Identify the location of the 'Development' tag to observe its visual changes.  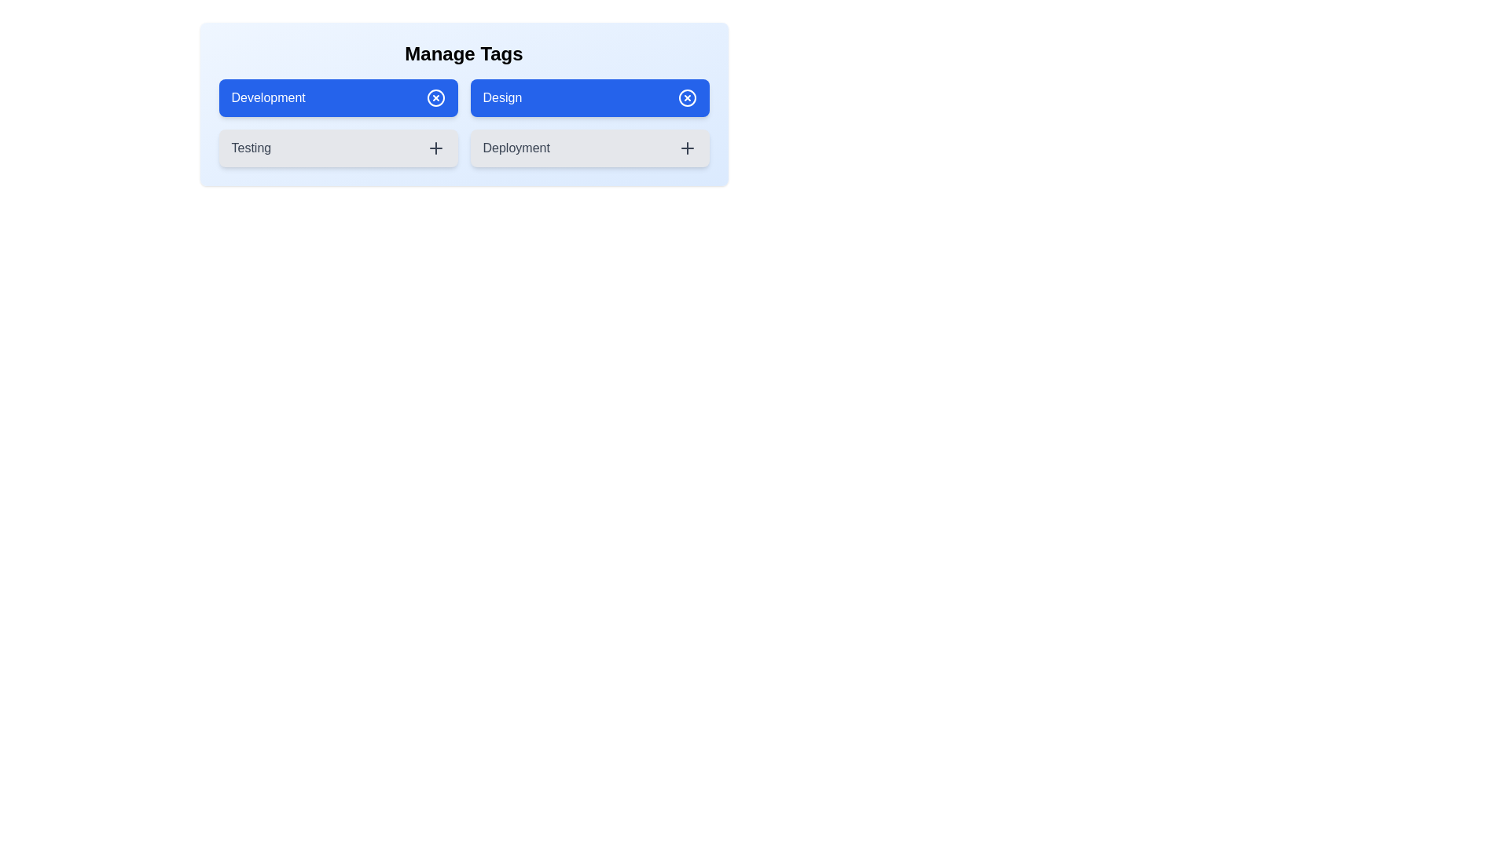
(337, 97).